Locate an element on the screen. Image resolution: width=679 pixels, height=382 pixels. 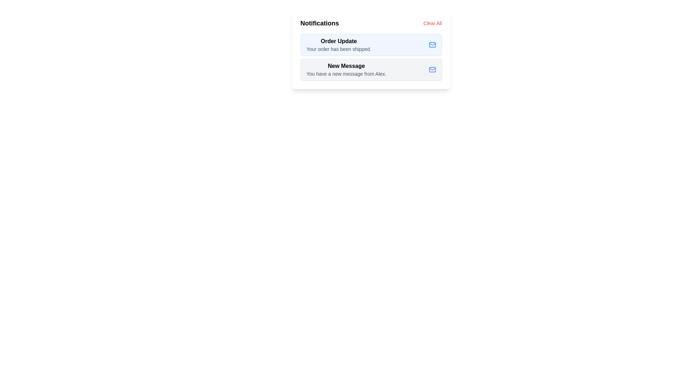
the 'Order Update' notification message, which is a two-line text block in a bordered blue-tinted background is located at coordinates (338, 45).